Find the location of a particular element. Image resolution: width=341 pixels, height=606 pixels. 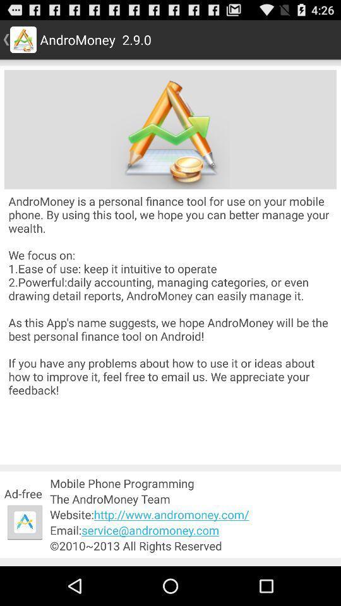

app button is located at coordinates (25, 522).